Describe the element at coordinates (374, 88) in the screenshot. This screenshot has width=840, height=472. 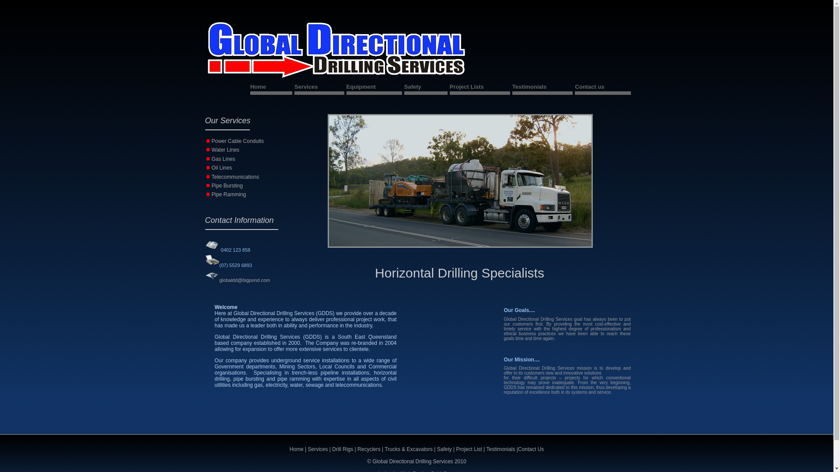
I see `'Equipment'` at that location.